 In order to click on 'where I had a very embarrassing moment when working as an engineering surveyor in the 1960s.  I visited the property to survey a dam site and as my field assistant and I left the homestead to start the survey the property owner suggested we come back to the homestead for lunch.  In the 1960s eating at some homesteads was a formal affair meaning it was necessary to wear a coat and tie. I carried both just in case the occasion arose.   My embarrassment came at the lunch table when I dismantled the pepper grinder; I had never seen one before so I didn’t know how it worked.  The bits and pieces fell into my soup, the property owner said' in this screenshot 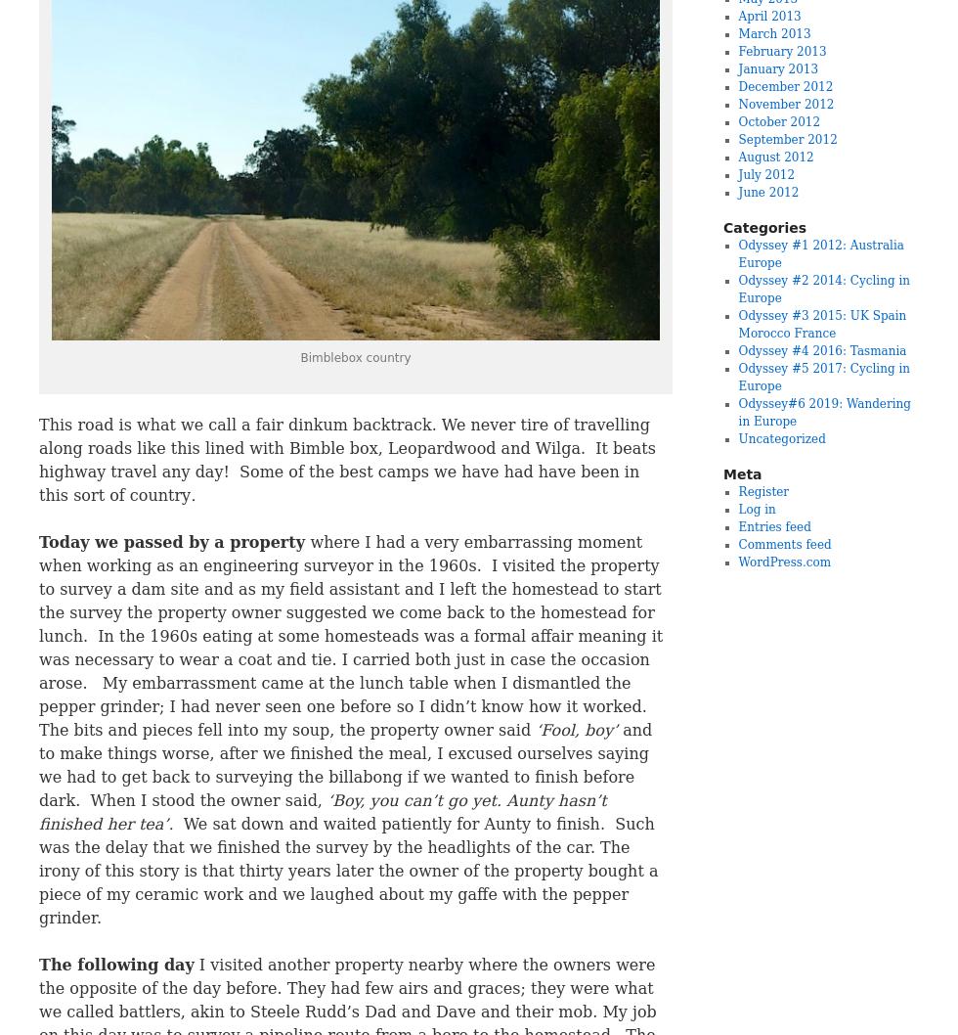, I will do `click(350, 634)`.